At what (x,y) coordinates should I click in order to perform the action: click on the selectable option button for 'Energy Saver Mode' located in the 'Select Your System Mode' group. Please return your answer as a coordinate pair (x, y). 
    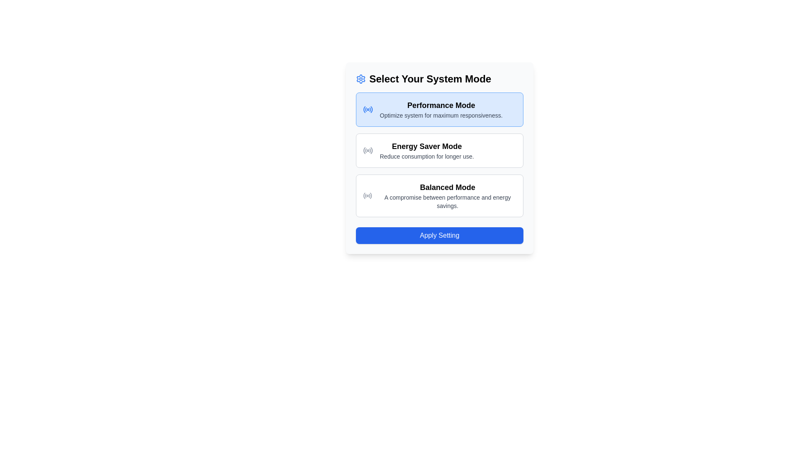
    Looking at the image, I should click on (439, 150).